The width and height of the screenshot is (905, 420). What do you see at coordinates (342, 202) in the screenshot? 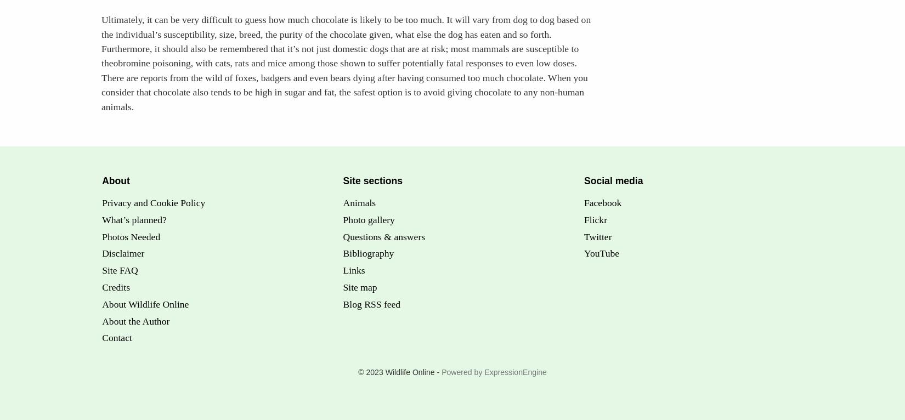
I see `'Animals'` at bounding box center [342, 202].